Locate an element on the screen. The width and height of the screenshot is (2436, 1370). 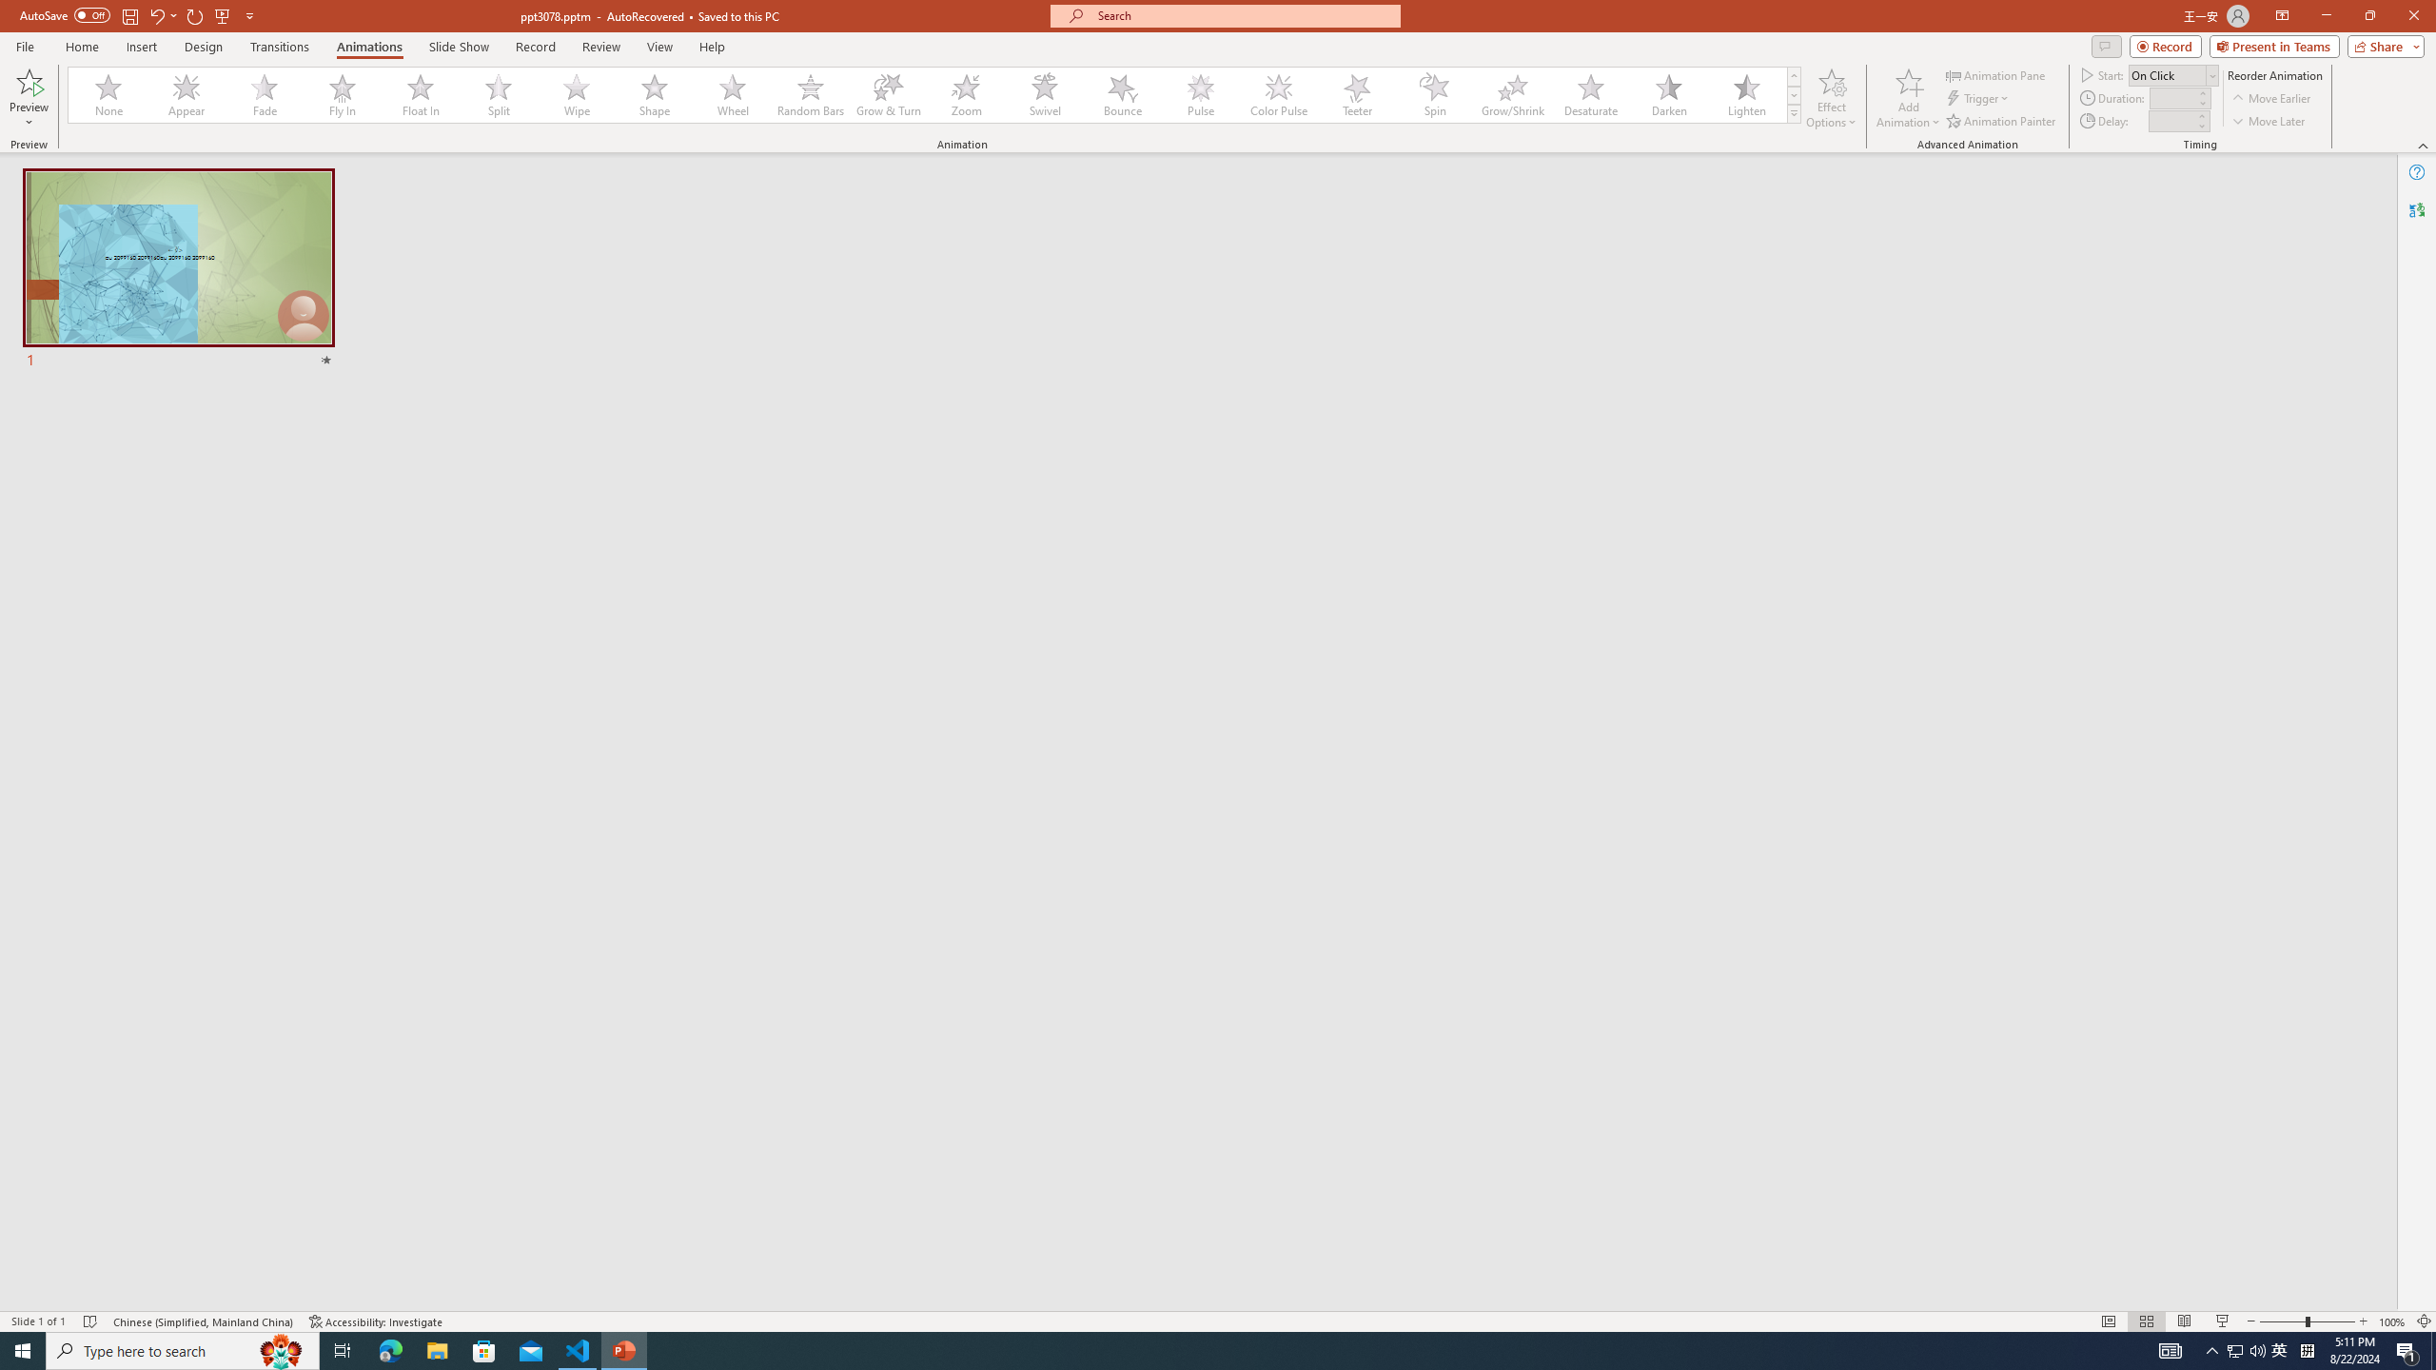
'Zoom 100%' is located at coordinates (2393, 1321).